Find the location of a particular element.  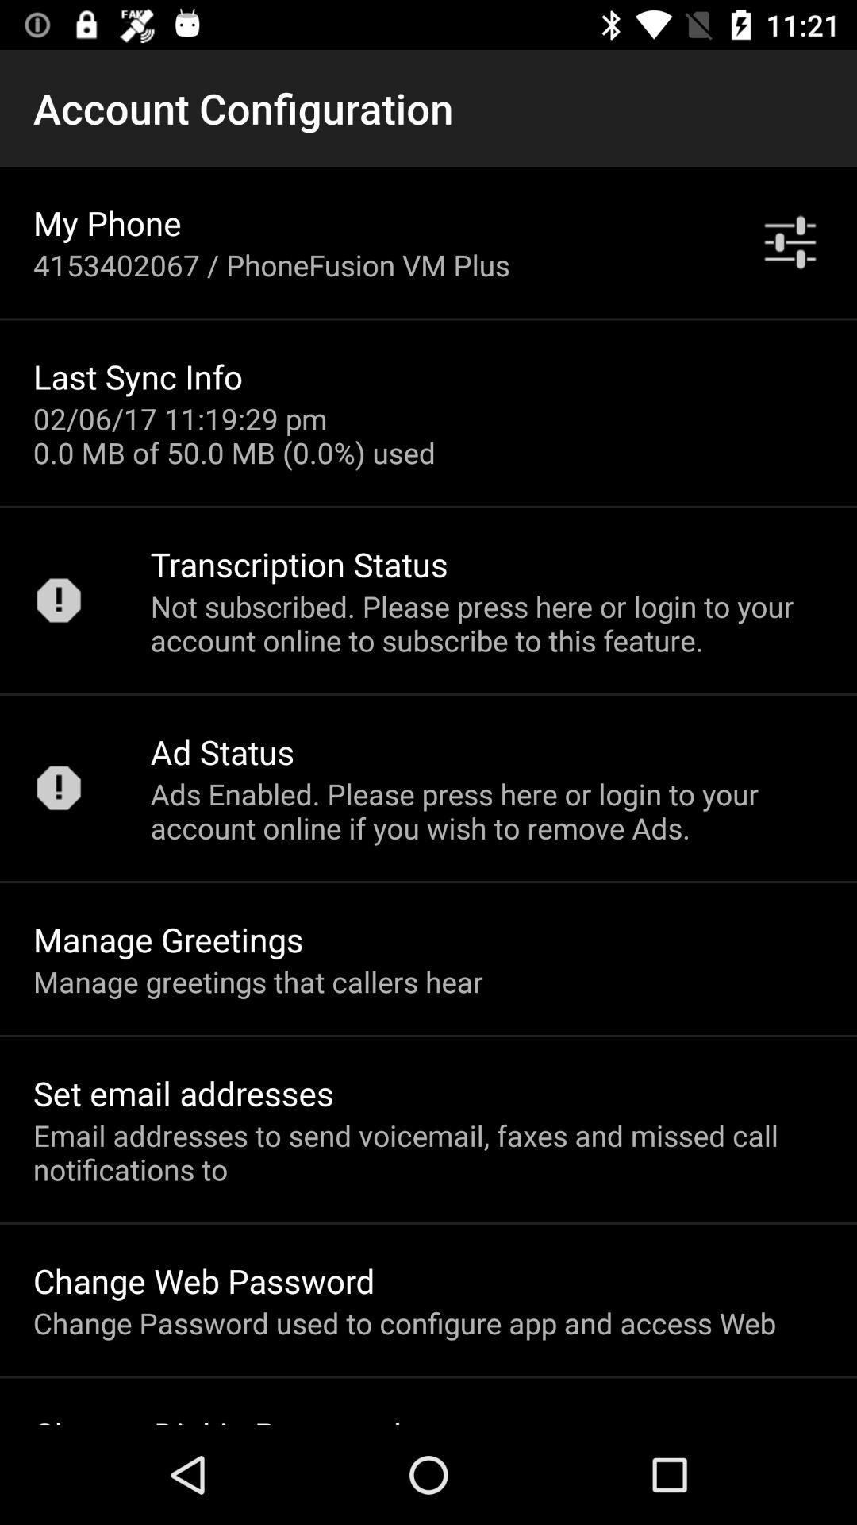

4153402067 phonefusion vm item is located at coordinates (271, 264).